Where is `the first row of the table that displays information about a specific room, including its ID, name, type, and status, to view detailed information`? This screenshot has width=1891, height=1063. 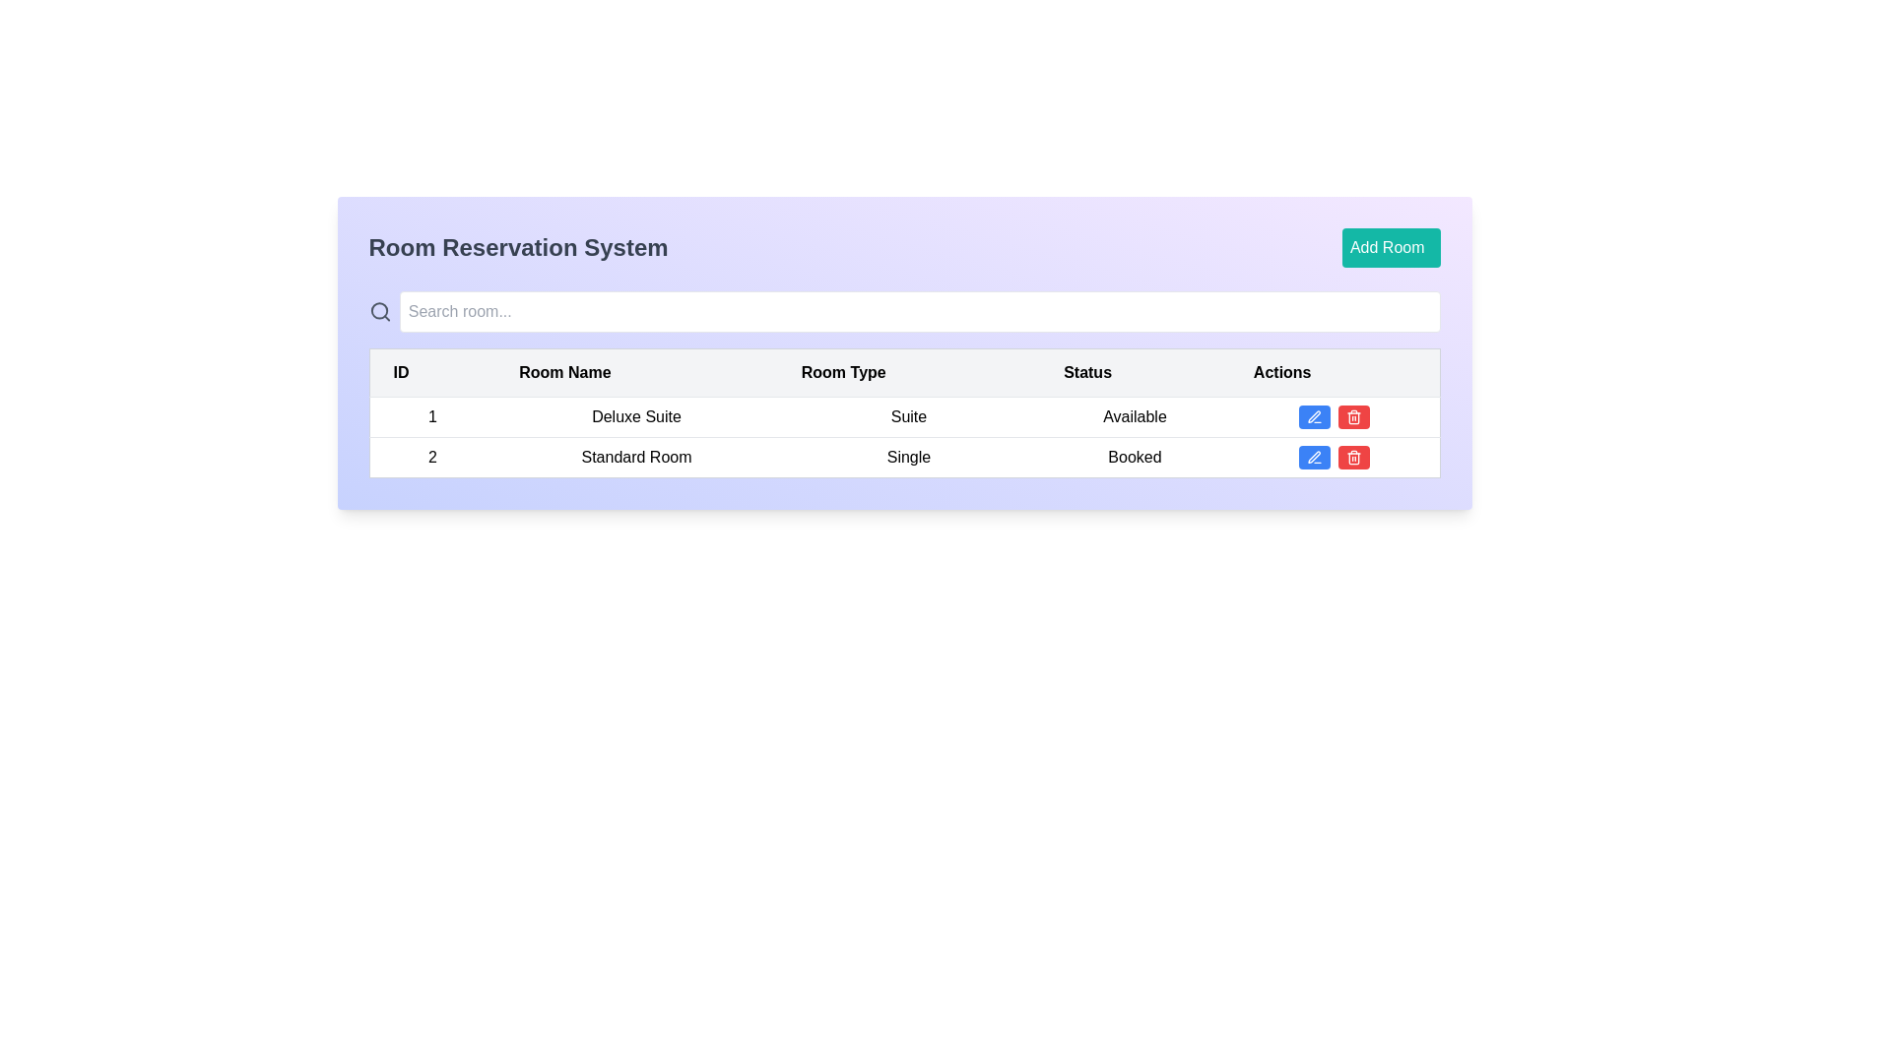
the first row of the table that displays information about a specific room, including its ID, name, type, and status, to view detailed information is located at coordinates (903, 416).